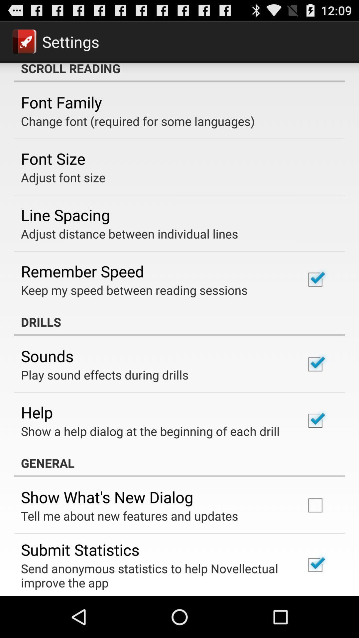  I want to click on the keep my speed icon, so click(134, 290).